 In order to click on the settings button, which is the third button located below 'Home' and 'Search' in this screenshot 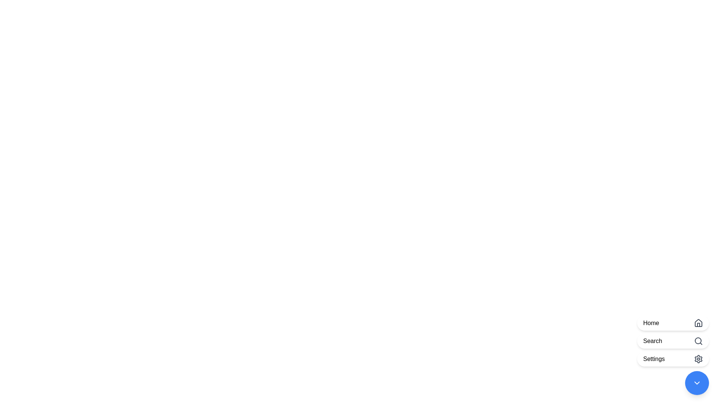, I will do `click(673, 359)`.